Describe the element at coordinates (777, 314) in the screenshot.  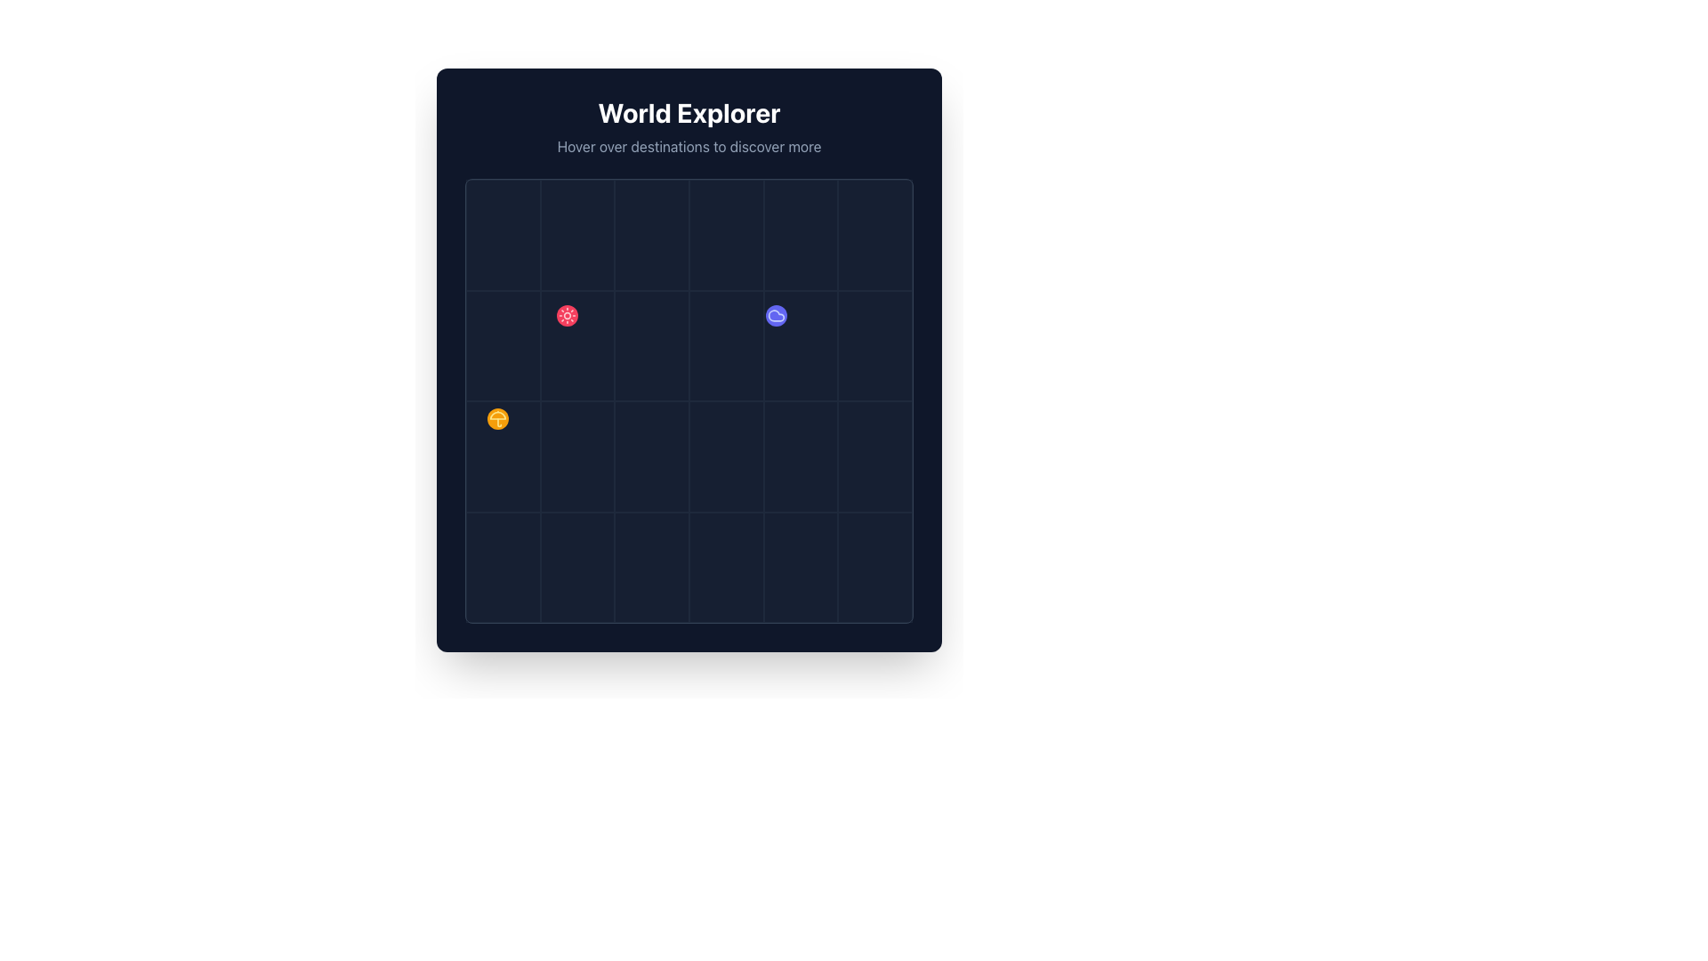
I see `the animated glowing effect surrounding the blue circular icon with a cloud symbol, located in the middle-right of the grid layout` at that location.